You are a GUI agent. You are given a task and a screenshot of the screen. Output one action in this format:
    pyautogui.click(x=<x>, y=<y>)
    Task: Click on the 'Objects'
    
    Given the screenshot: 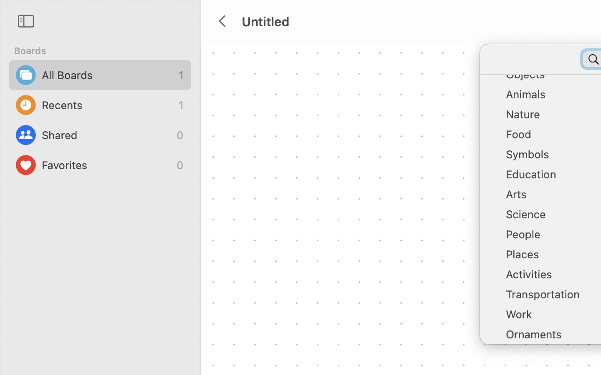 What is the action you would take?
    pyautogui.click(x=551, y=77)
    